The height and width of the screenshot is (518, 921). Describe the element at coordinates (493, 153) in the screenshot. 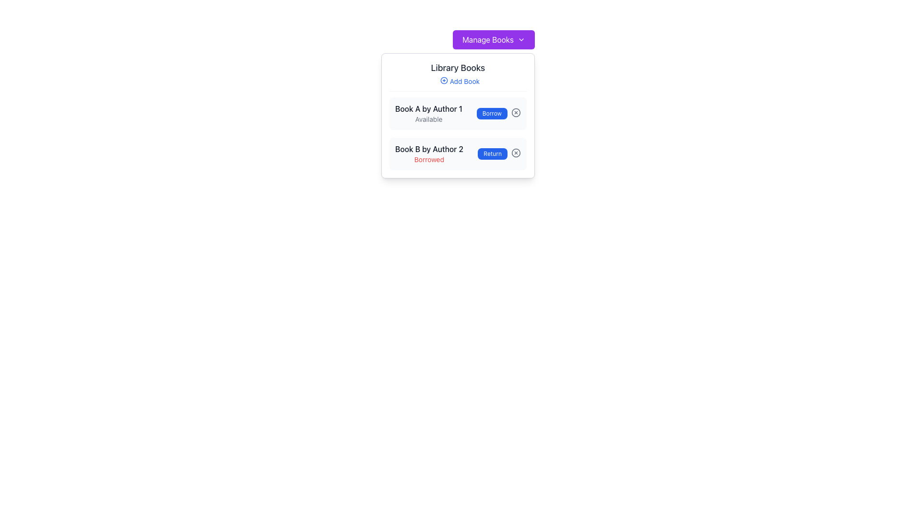

I see `the blue 'Return' button with rounded corners located in the second row under the 'Library Books' card, positioned to the right of 'Book B by Author 2' and left of the circular 'X' icon` at that location.